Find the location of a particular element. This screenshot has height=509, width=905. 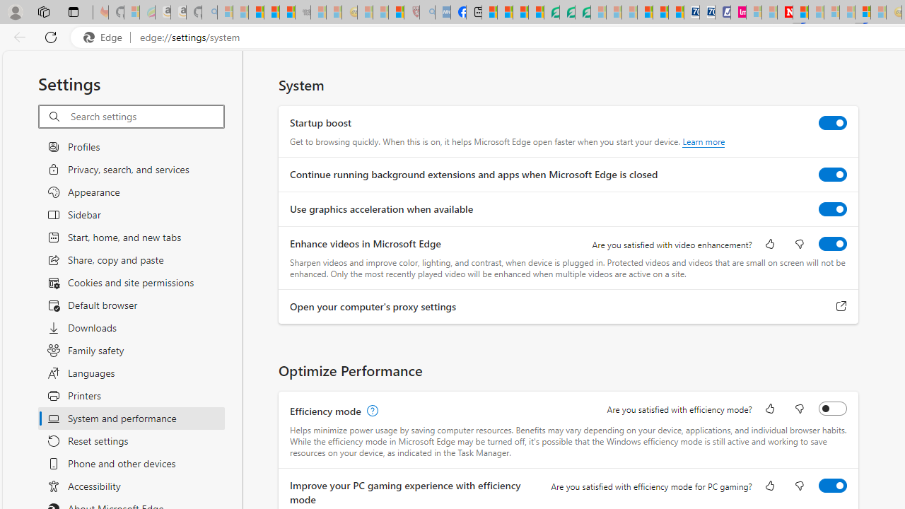

'Jobs - lastminute.com Investor Portal' is located at coordinates (737, 12).